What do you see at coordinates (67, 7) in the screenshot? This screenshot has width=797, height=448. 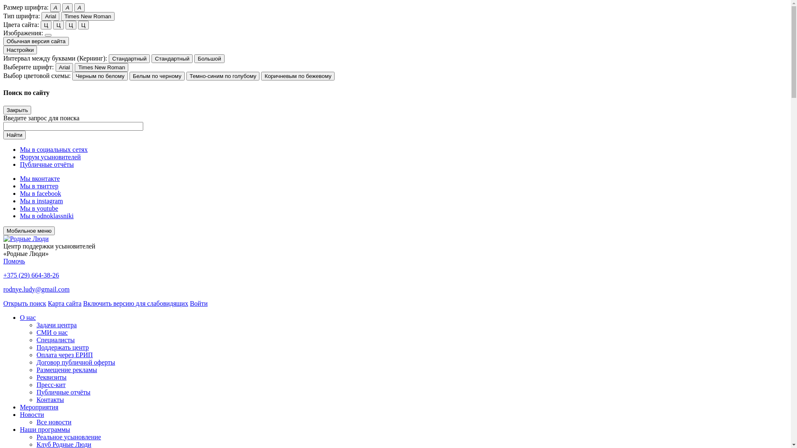 I see `'A'` at bounding box center [67, 7].